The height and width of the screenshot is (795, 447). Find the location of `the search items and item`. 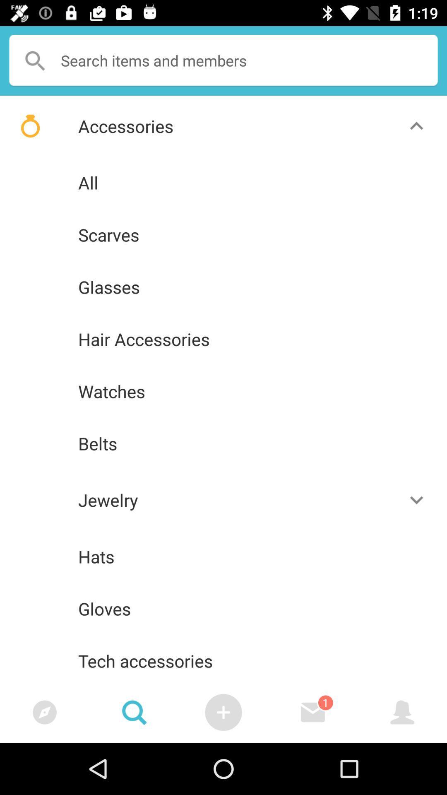

the search items and item is located at coordinates (223, 60).